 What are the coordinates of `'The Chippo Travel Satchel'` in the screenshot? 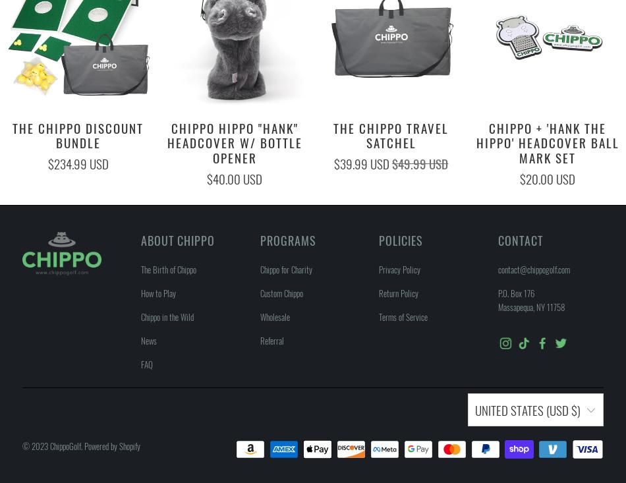 It's located at (391, 134).